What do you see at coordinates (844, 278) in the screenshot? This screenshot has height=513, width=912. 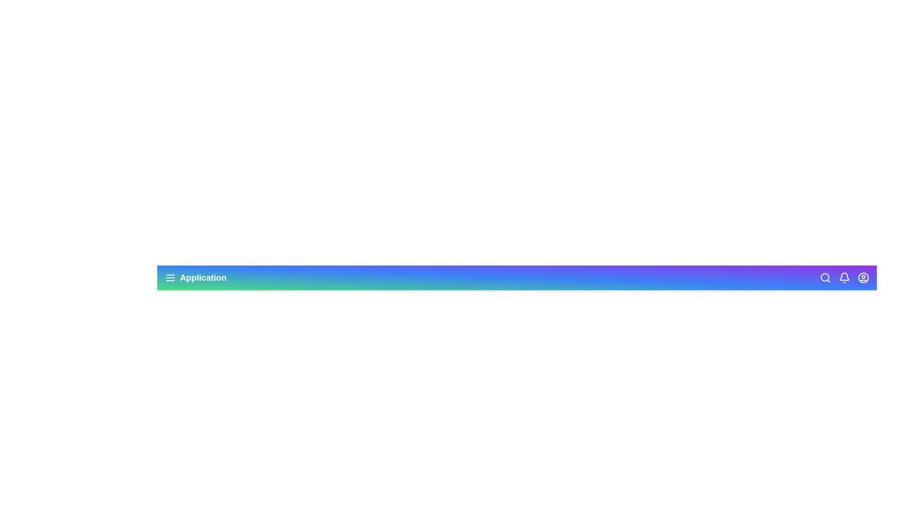 I see `the notification icon` at bounding box center [844, 278].